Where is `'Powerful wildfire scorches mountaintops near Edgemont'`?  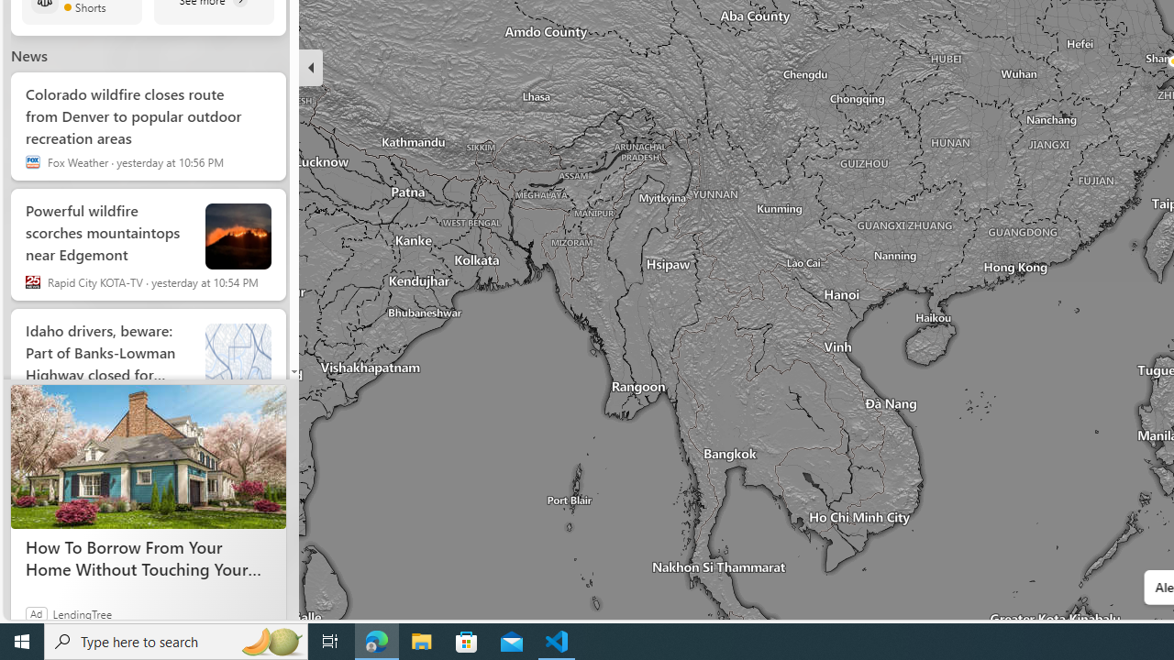 'Powerful wildfire scorches mountaintops near Edgemont' is located at coordinates (106, 227).